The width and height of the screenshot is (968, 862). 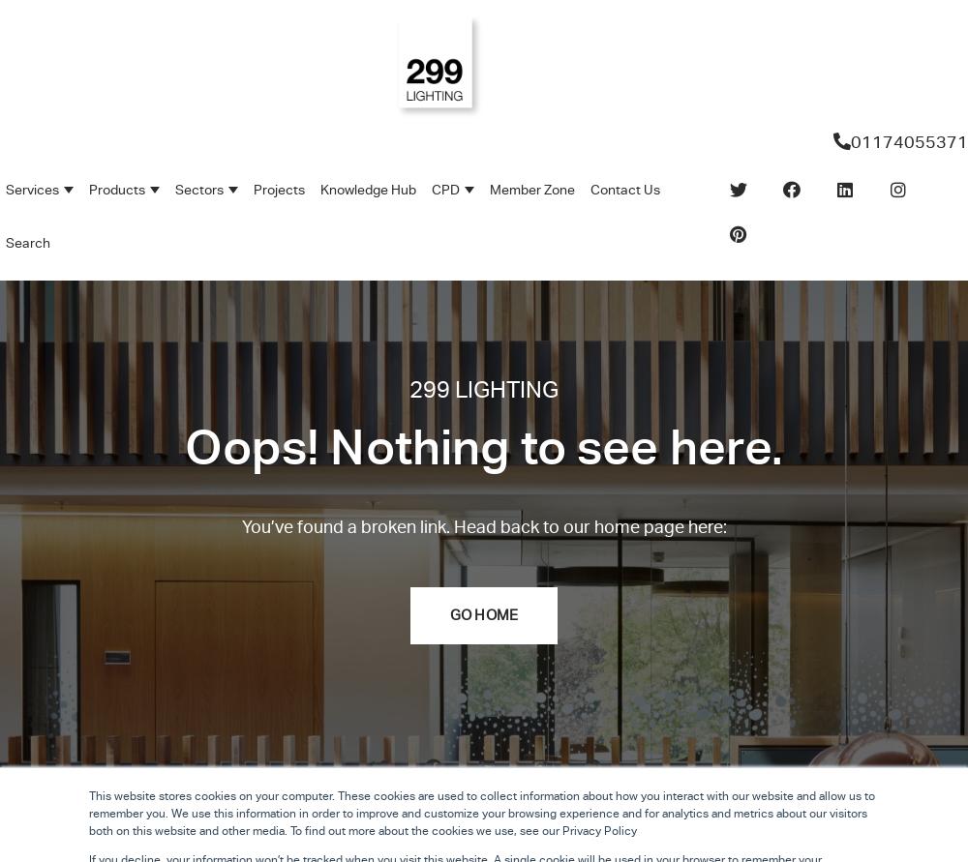 I want to click on 'Contact Us', so click(x=625, y=190).